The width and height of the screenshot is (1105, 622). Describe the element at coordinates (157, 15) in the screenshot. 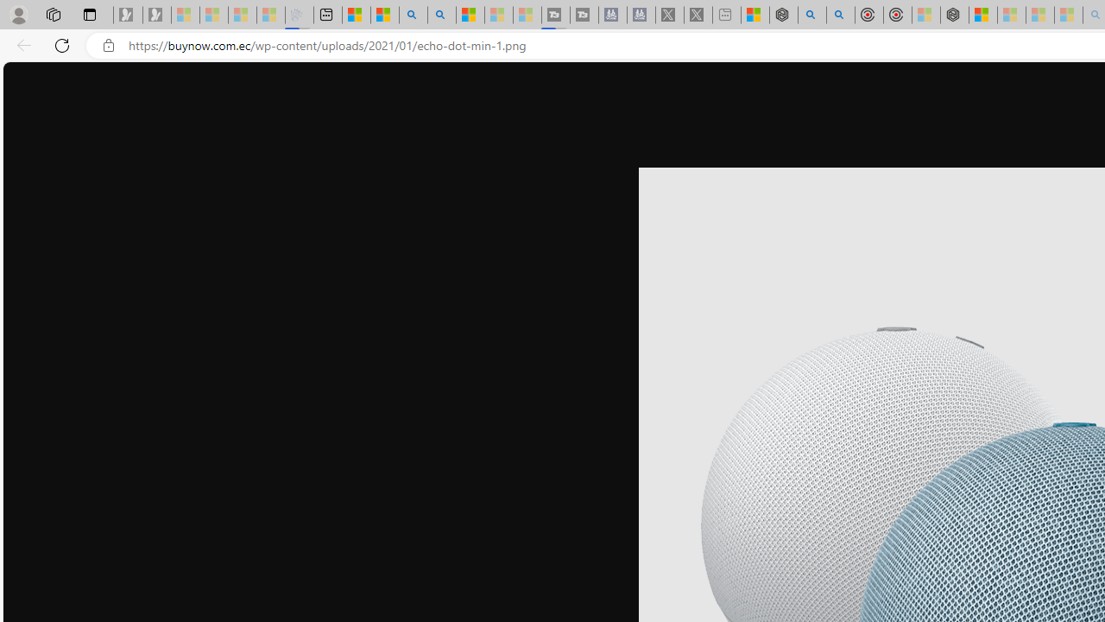

I see `'Newsletter Sign Up - Sleeping'` at that location.